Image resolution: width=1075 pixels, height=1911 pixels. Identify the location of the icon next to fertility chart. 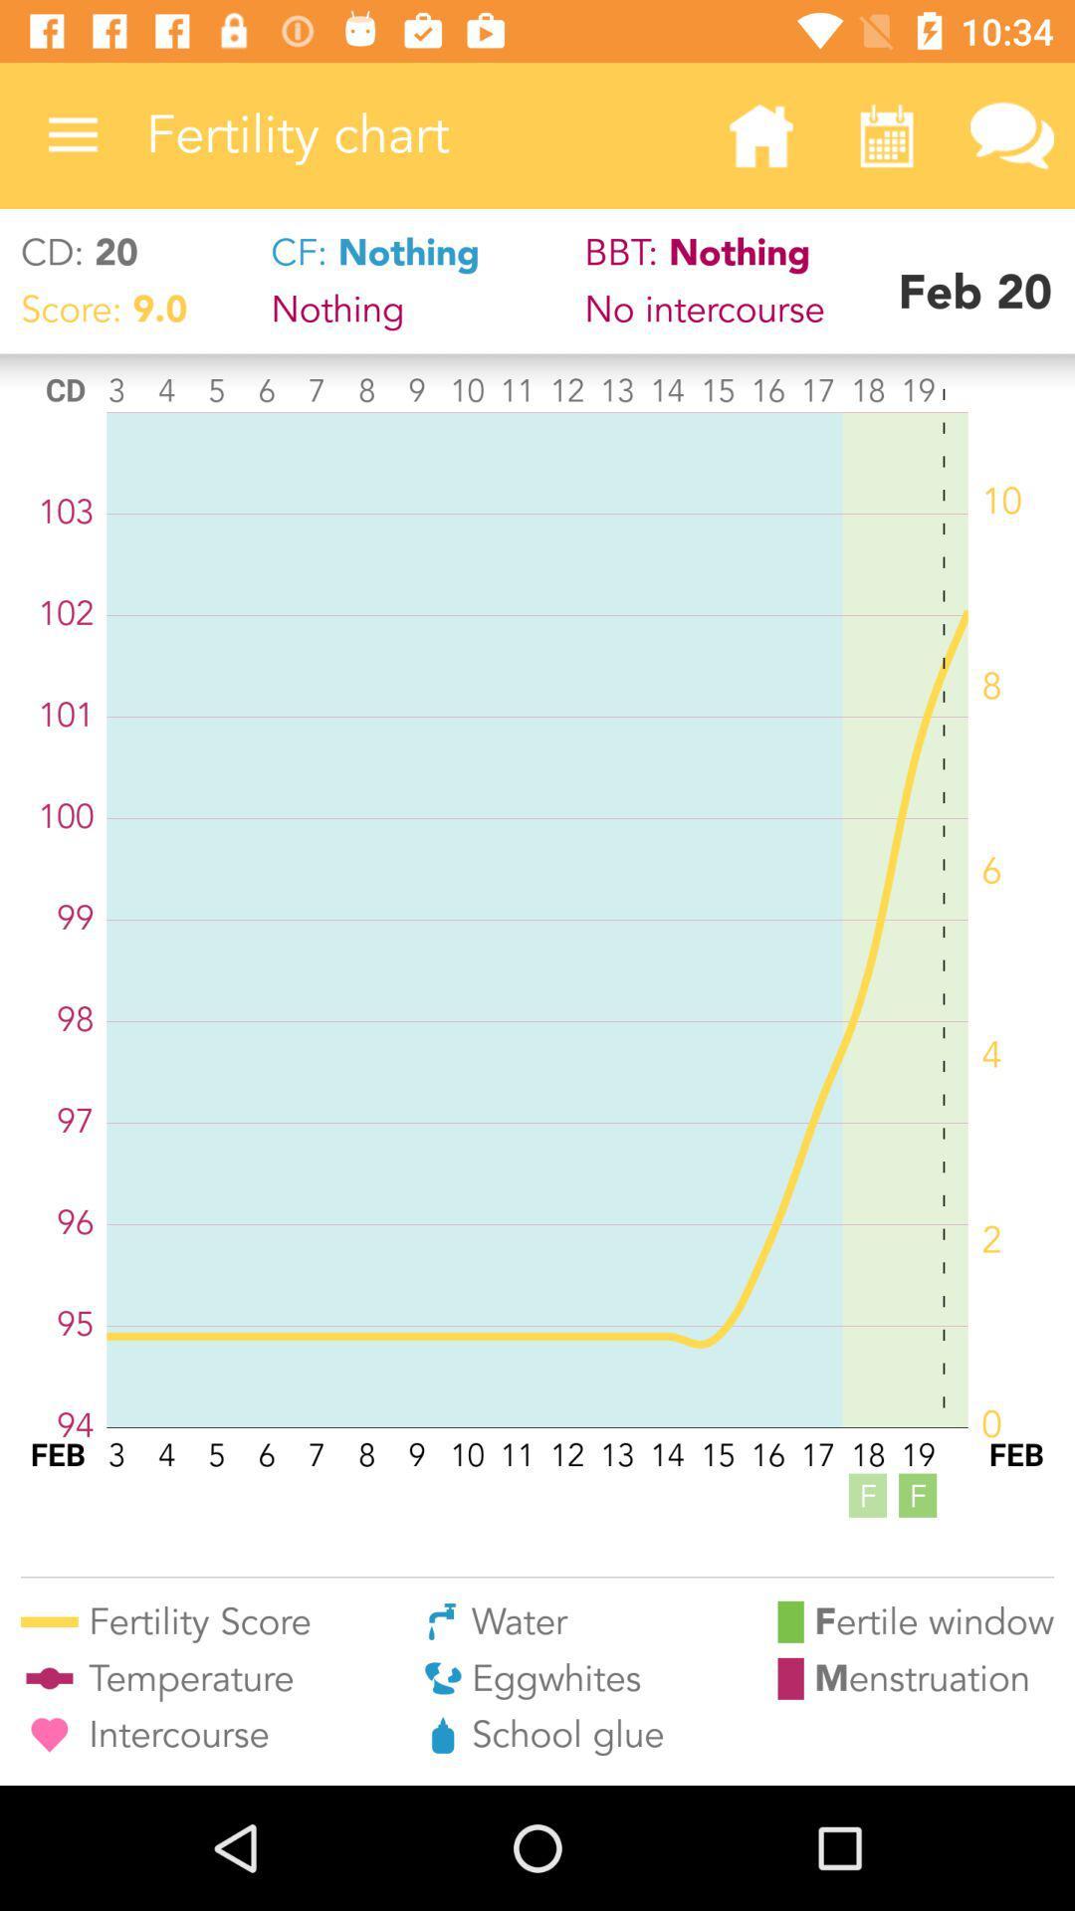
(760, 134).